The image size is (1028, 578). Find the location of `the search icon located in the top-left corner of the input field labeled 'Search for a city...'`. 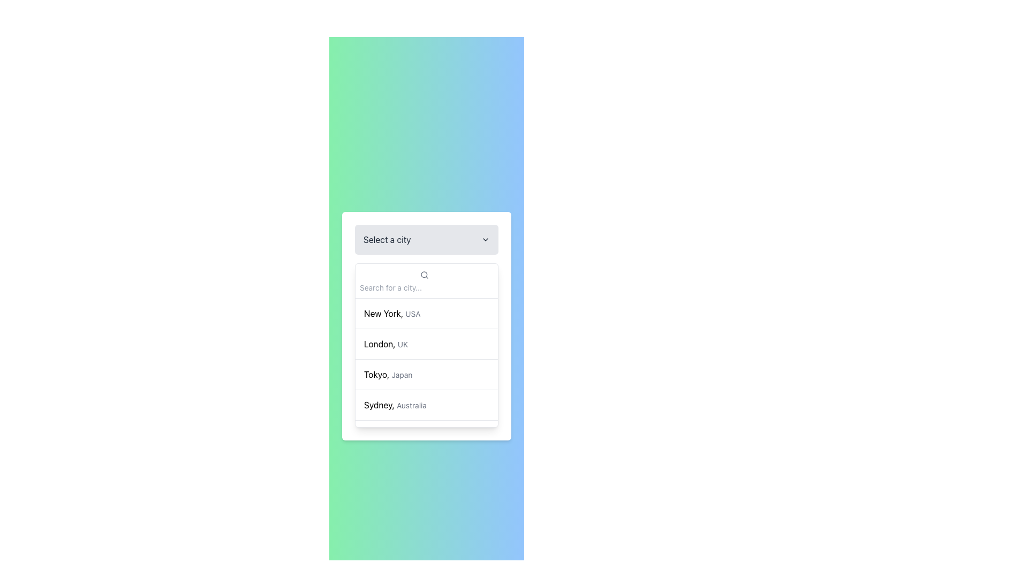

the search icon located in the top-left corner of the input field labeled 'Search for a city...' is located at coordinates (424, 274).